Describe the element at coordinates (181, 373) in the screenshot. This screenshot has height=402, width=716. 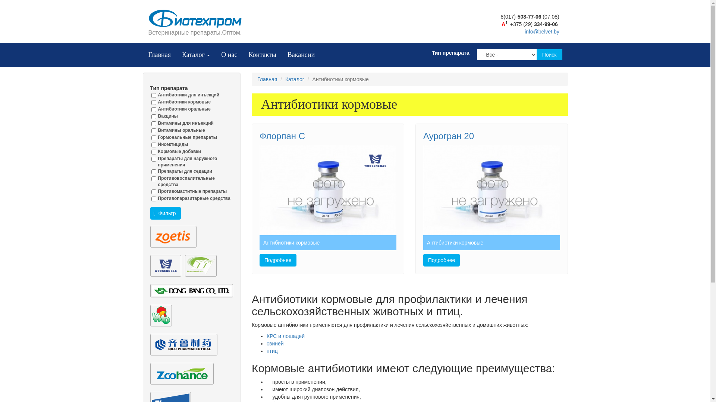
I see `'Ningxia Zoohance Biotech'` at that location.